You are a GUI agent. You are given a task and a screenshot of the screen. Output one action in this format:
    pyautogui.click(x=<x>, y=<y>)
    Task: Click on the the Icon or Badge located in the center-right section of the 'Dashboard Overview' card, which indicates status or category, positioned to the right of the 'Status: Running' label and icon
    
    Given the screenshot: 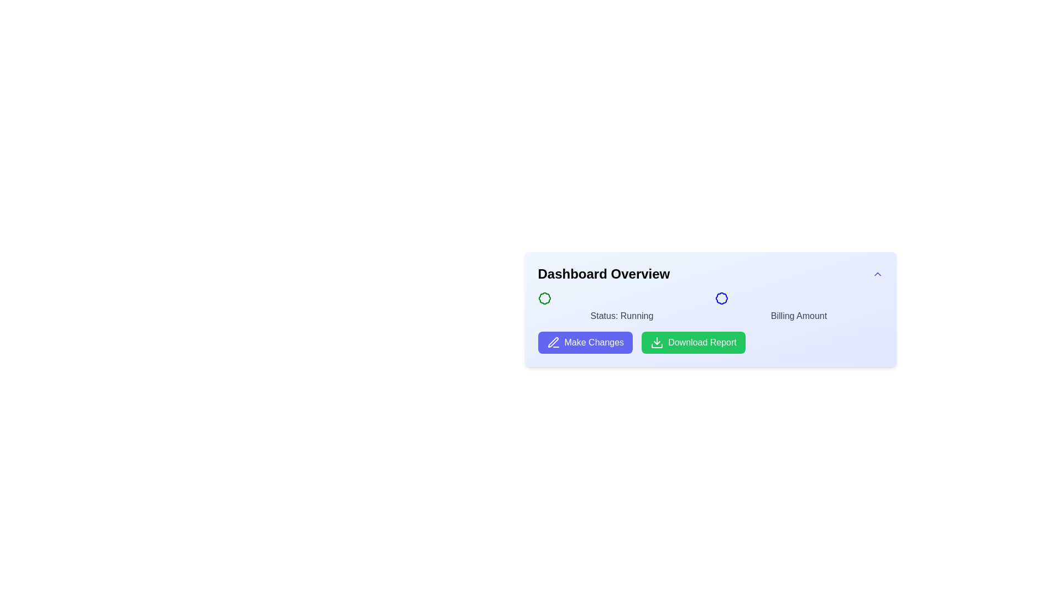 What is the action you would take?
    pyautogui.click(x=721, y=298)
    